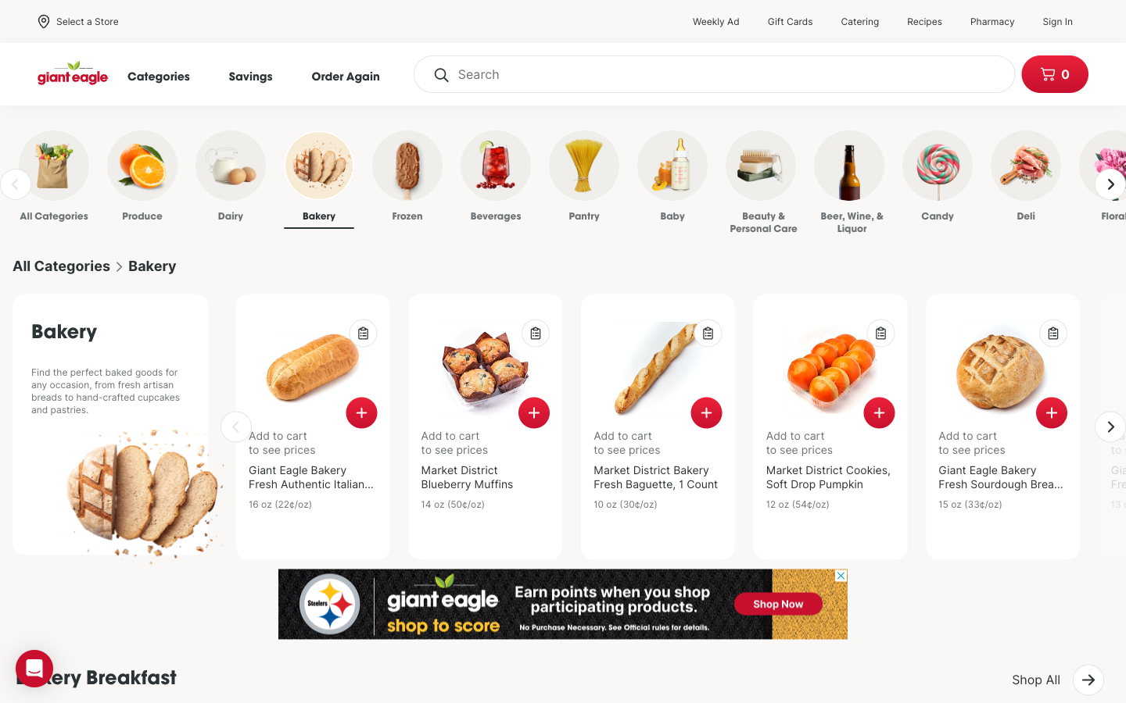 Image resolution: width=1126 pixels, height=703 pixels. Describe the element at coordinates (1053, 73) in the screenshot. I see `Verify the products in the shopping cart` at that location.